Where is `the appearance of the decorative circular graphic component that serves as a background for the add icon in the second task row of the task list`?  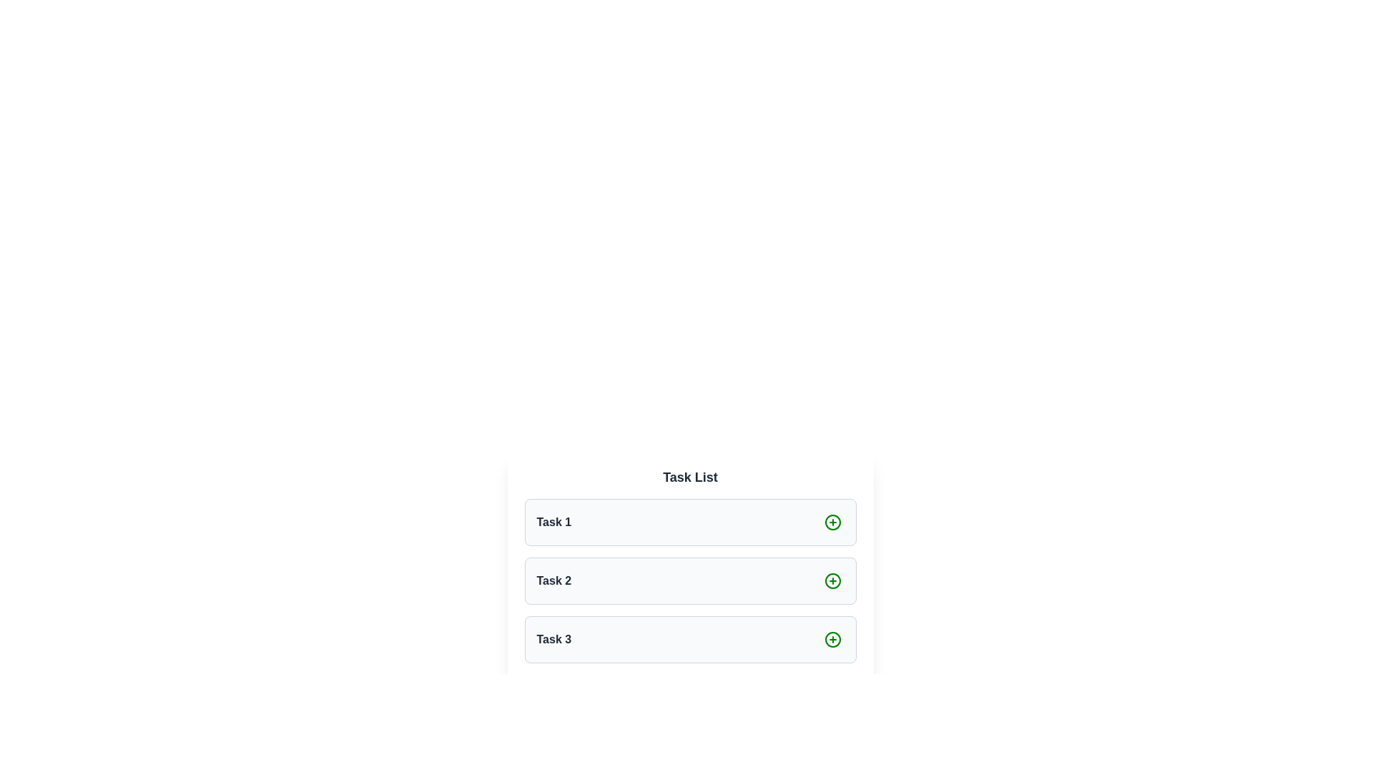
the appearance of the decorative circular graphic component that serves as a background for the add icon in the second task row of the task list is located at coordinates (832, 581).